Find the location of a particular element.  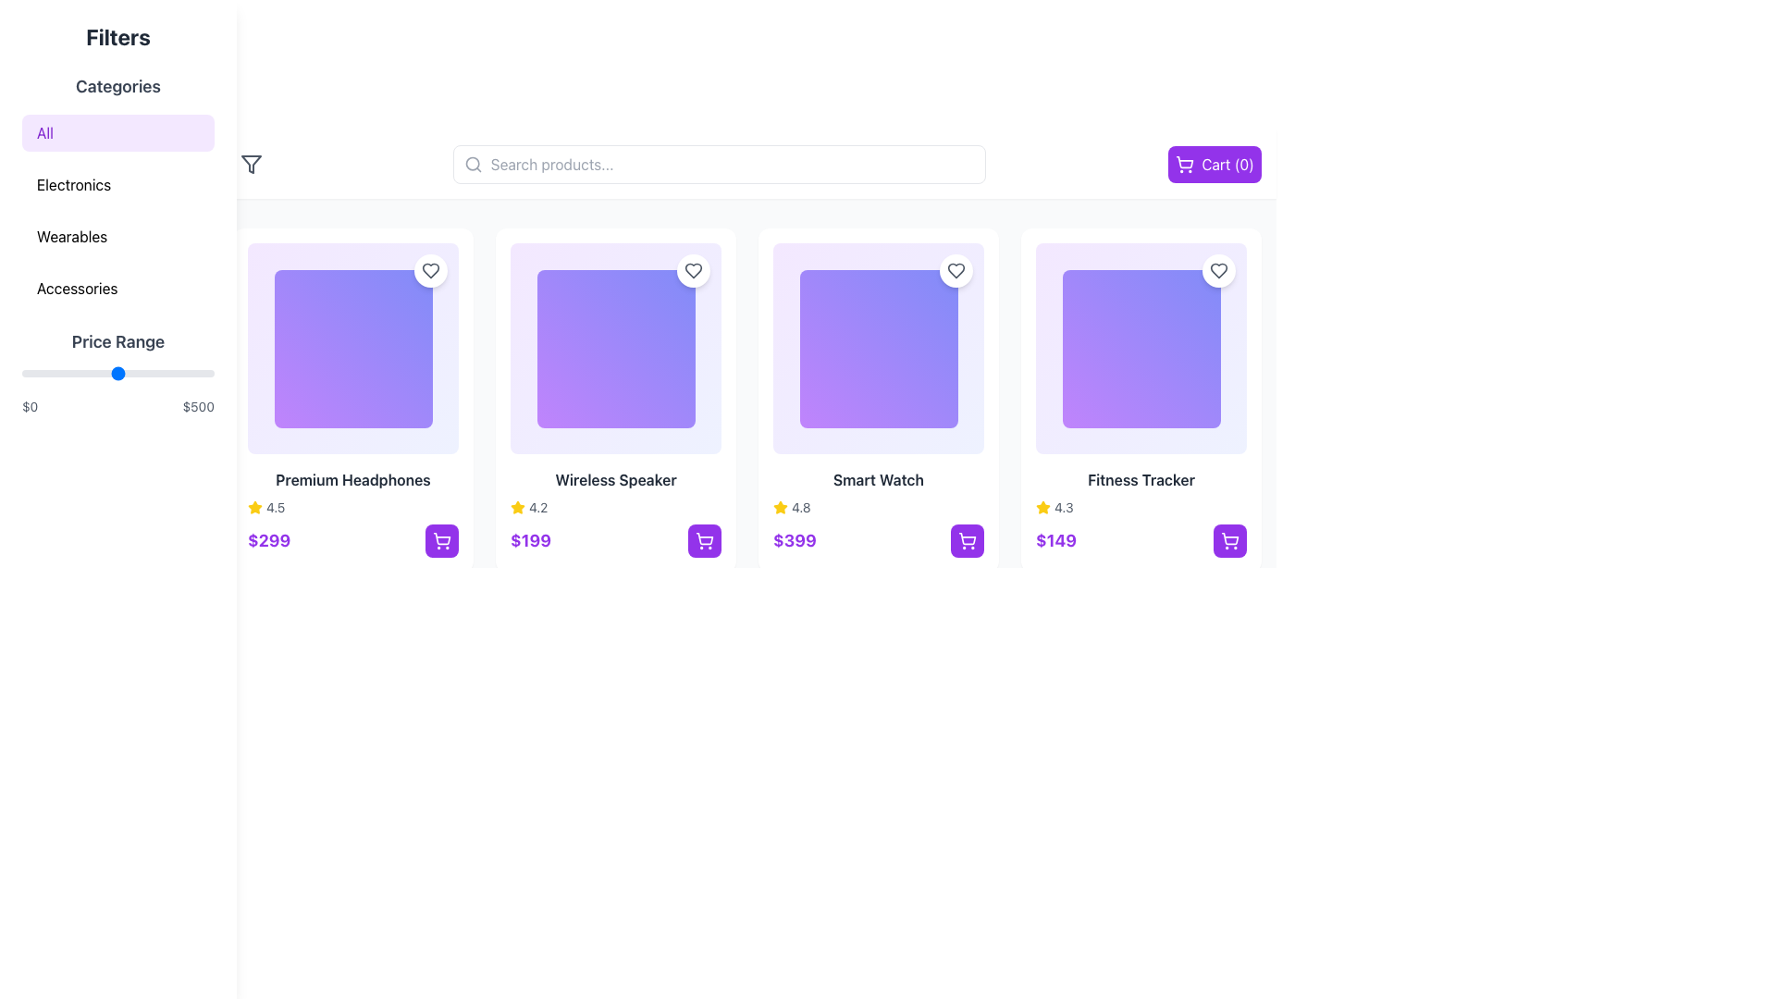

the heart-shaped icon button located in the top-right corner of the 'Wireless Speaker' product card to mark the product as favorite is located at coordinates (692, 271).